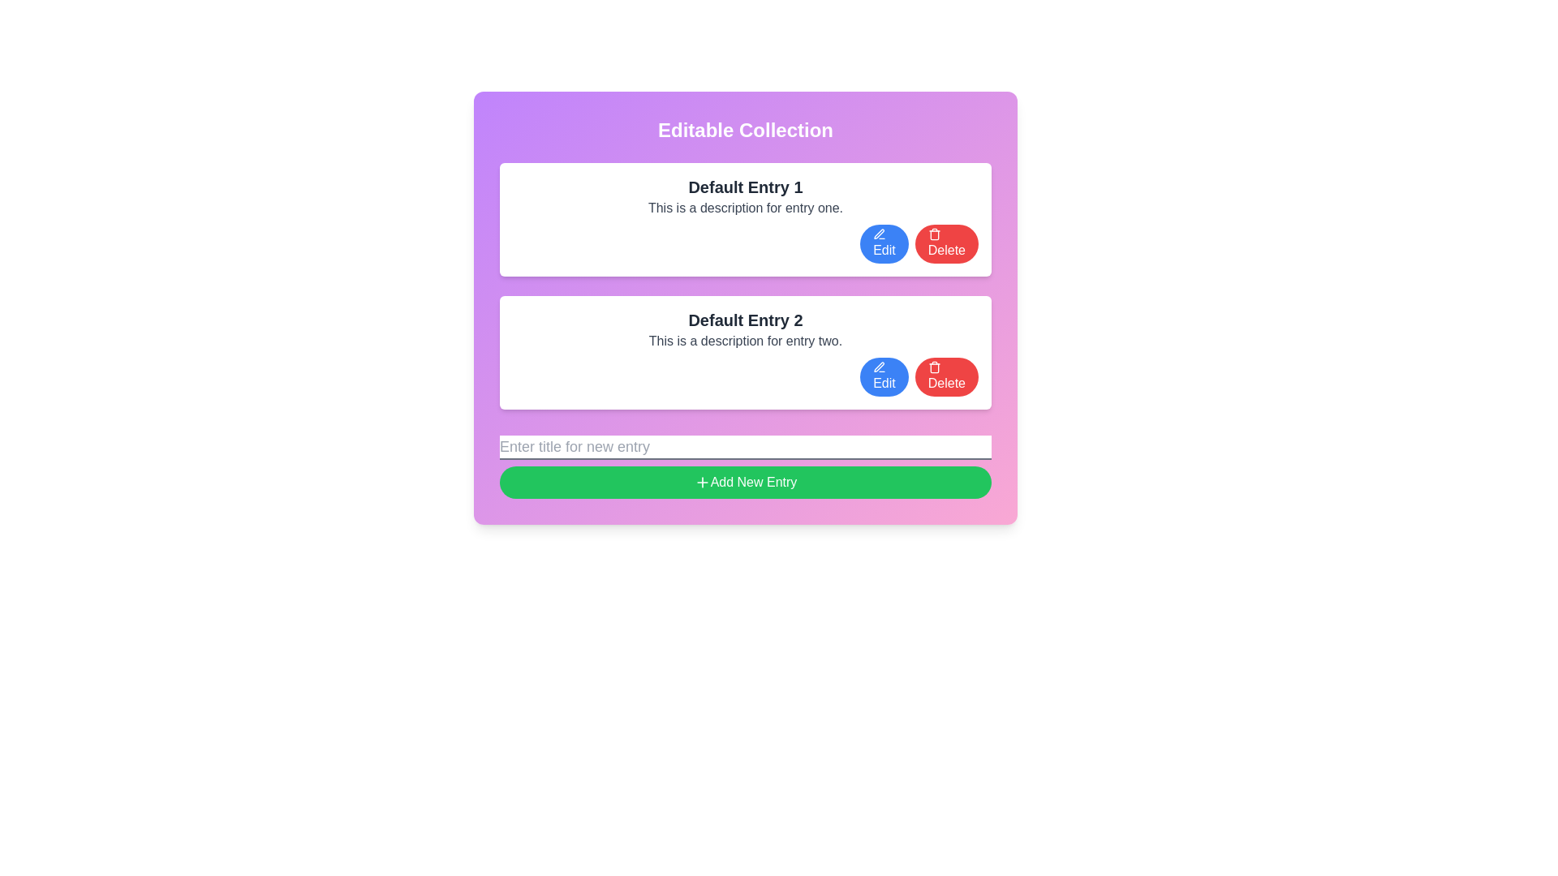 The image size is (1558, 876). Describe the element at coordinates (883, 377) in the screenshot. I see `the button that initiates the editing process for the associated entry, located on the right side of the second entry within the 'Editable Collection' section, directly to the left of a red 'Delete' button` at that location.